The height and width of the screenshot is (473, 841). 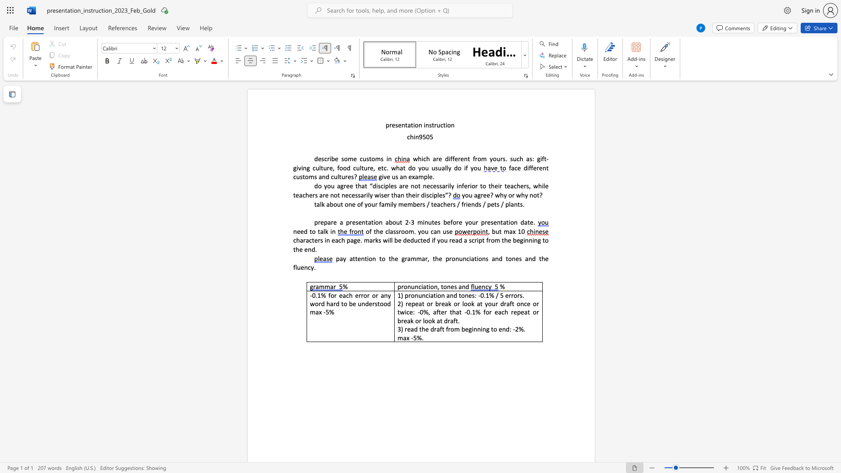 What do you see at coordinates (371, 222) in the screenshot?
I see `the subset text "tion a" within the text "prepare a presentation about 2"` at bounding box center [371, 222].